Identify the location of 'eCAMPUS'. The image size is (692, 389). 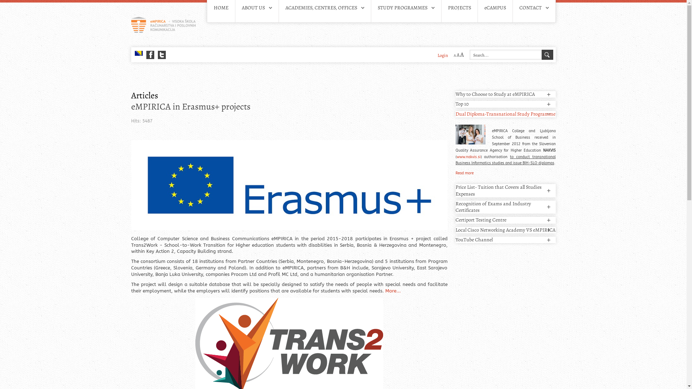
(494, 8).